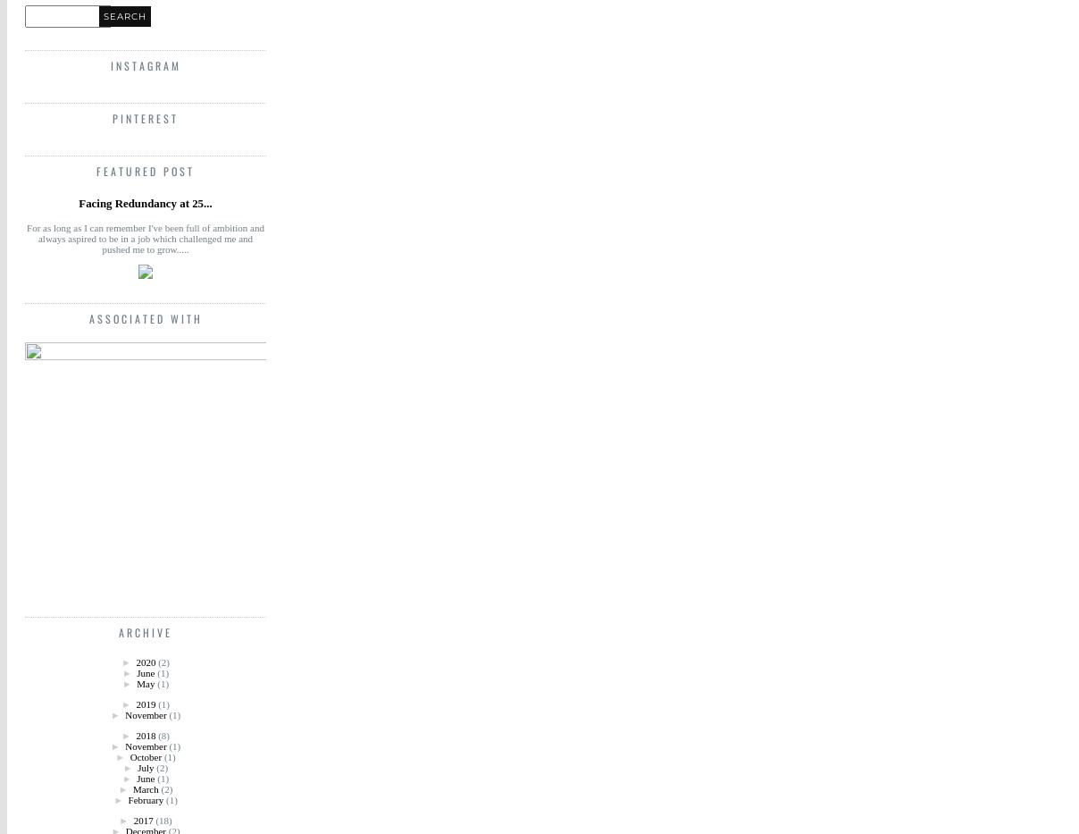  Describe the element at coordinates (145, 239) in the screenshot. I see `'For as long as I can remember I've been full of ambition and always aspired to be in a job which challenged me and pushed me to grow.....'` at that location.